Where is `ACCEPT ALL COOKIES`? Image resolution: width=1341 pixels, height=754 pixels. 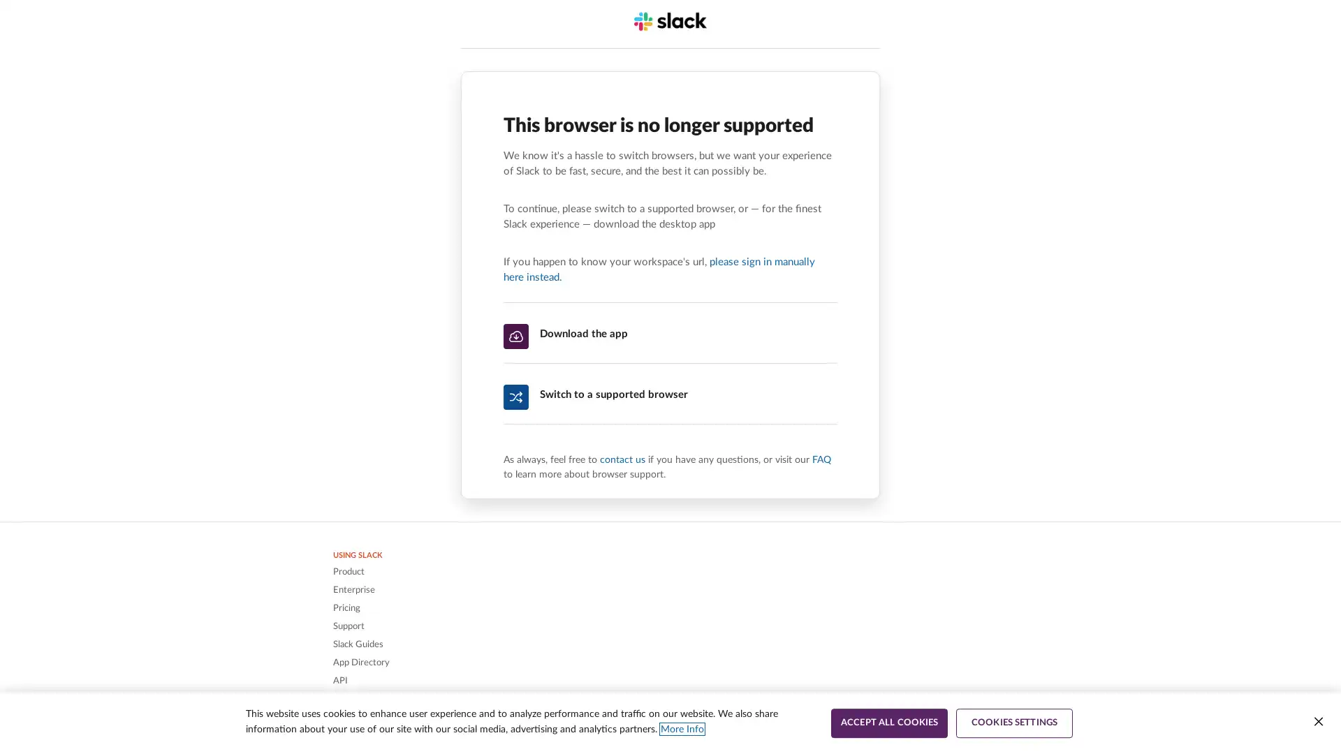 ACCEPT ALL COOKIES is located at coordinates (888, 723).